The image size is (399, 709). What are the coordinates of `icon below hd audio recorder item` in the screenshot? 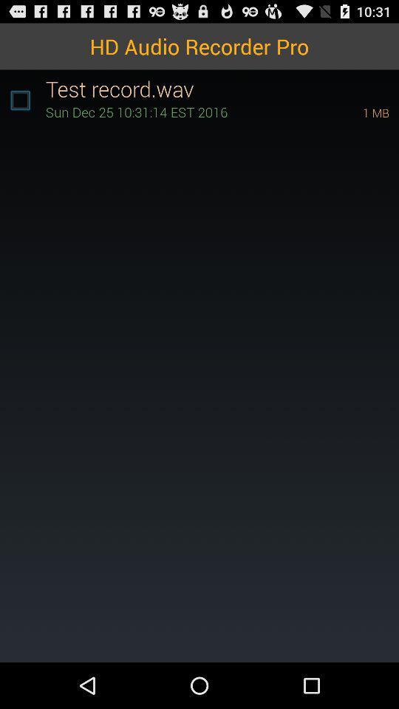 It's located at (221, 89).